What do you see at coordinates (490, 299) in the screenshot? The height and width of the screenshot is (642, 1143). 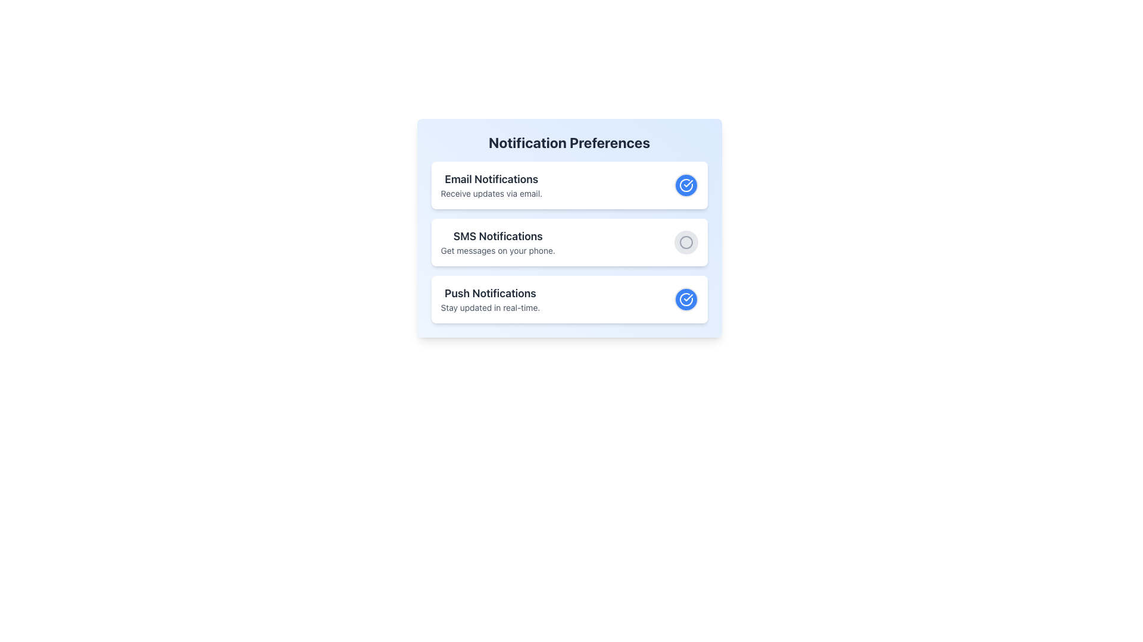 I see `the text block that reads 'Push Notifications' and 'Stay updated in real-time' within the third card from the top in the notification preference cards` at bounding box center [490, 299].